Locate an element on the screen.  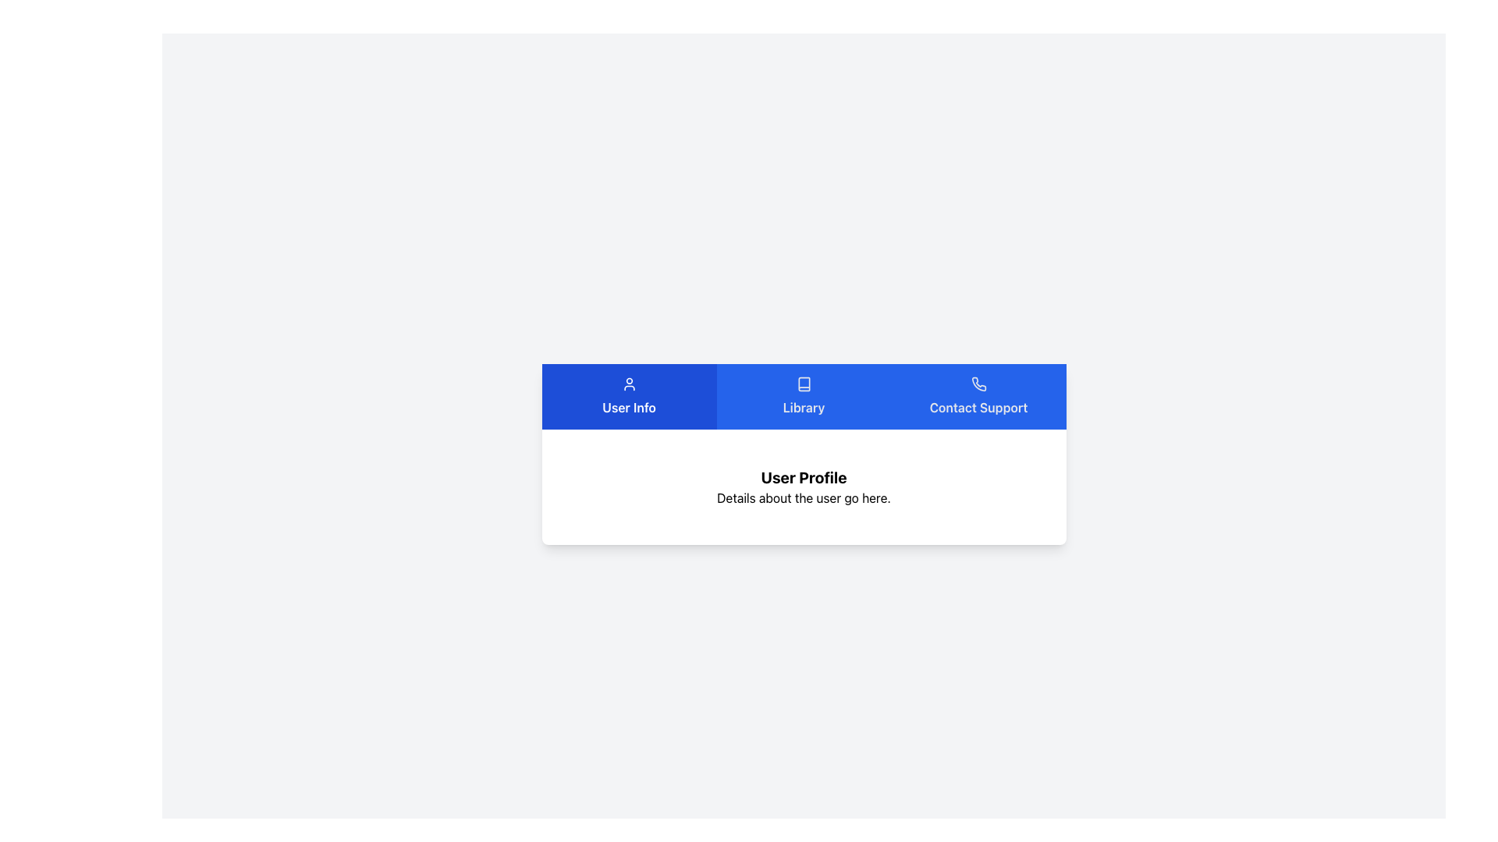
properties of the phone icon located in the 'Contact Support' tab within the blue header bar of the application is located at coordinates (978, 384).